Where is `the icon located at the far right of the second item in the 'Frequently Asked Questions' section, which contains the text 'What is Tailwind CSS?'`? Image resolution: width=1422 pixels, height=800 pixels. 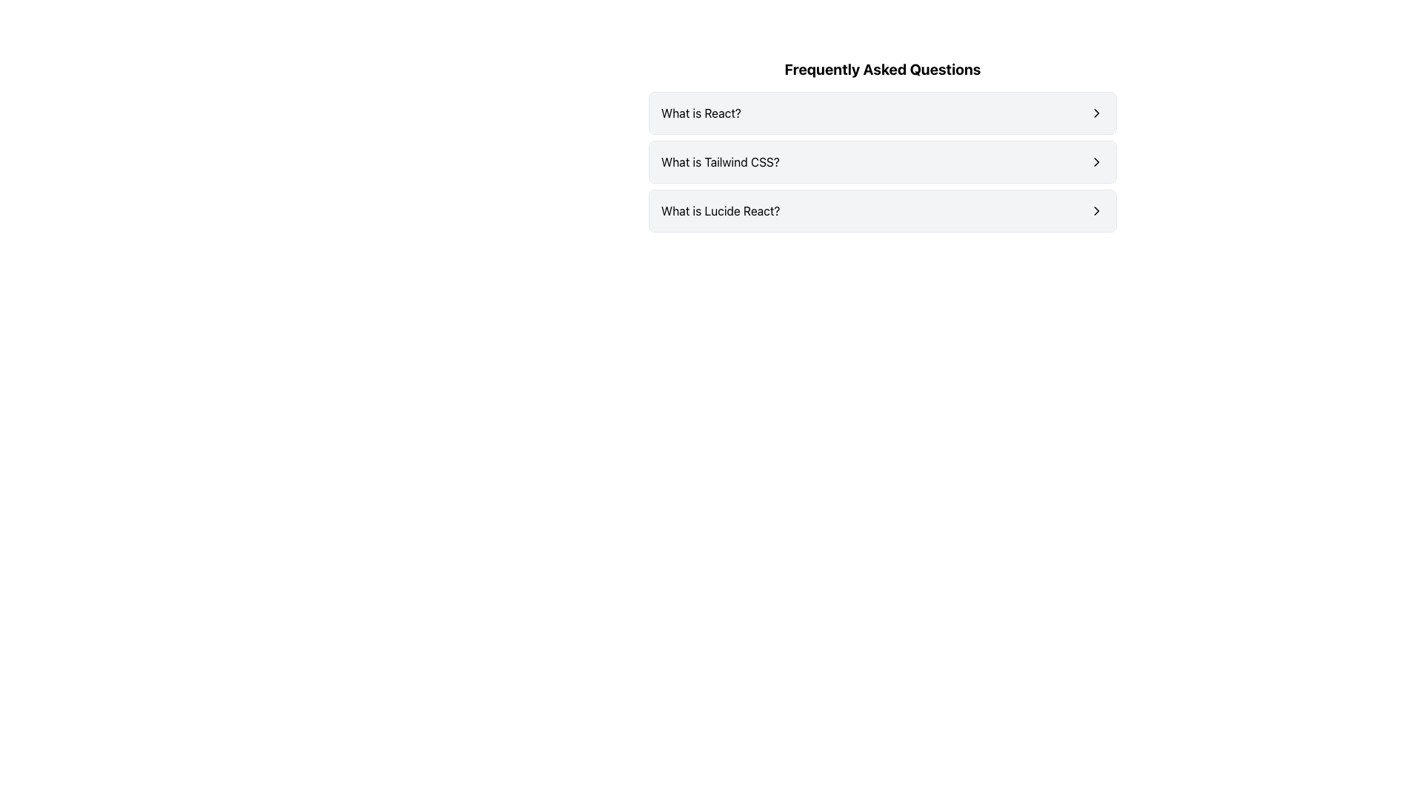
the icon located at the far right of the second item in the 'Frequently Asked Questions' section, which contains the text 'What is Tailwind CSS?' is located at coordinates (1097, 162).